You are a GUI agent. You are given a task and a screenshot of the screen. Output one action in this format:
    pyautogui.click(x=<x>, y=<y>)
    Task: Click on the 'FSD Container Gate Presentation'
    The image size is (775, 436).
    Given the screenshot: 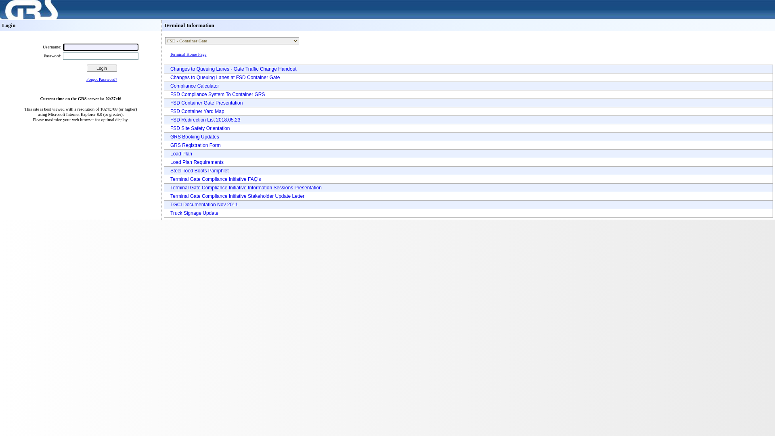 What is the action you would take?
    pyautogui.click(x=204, y=102)
    